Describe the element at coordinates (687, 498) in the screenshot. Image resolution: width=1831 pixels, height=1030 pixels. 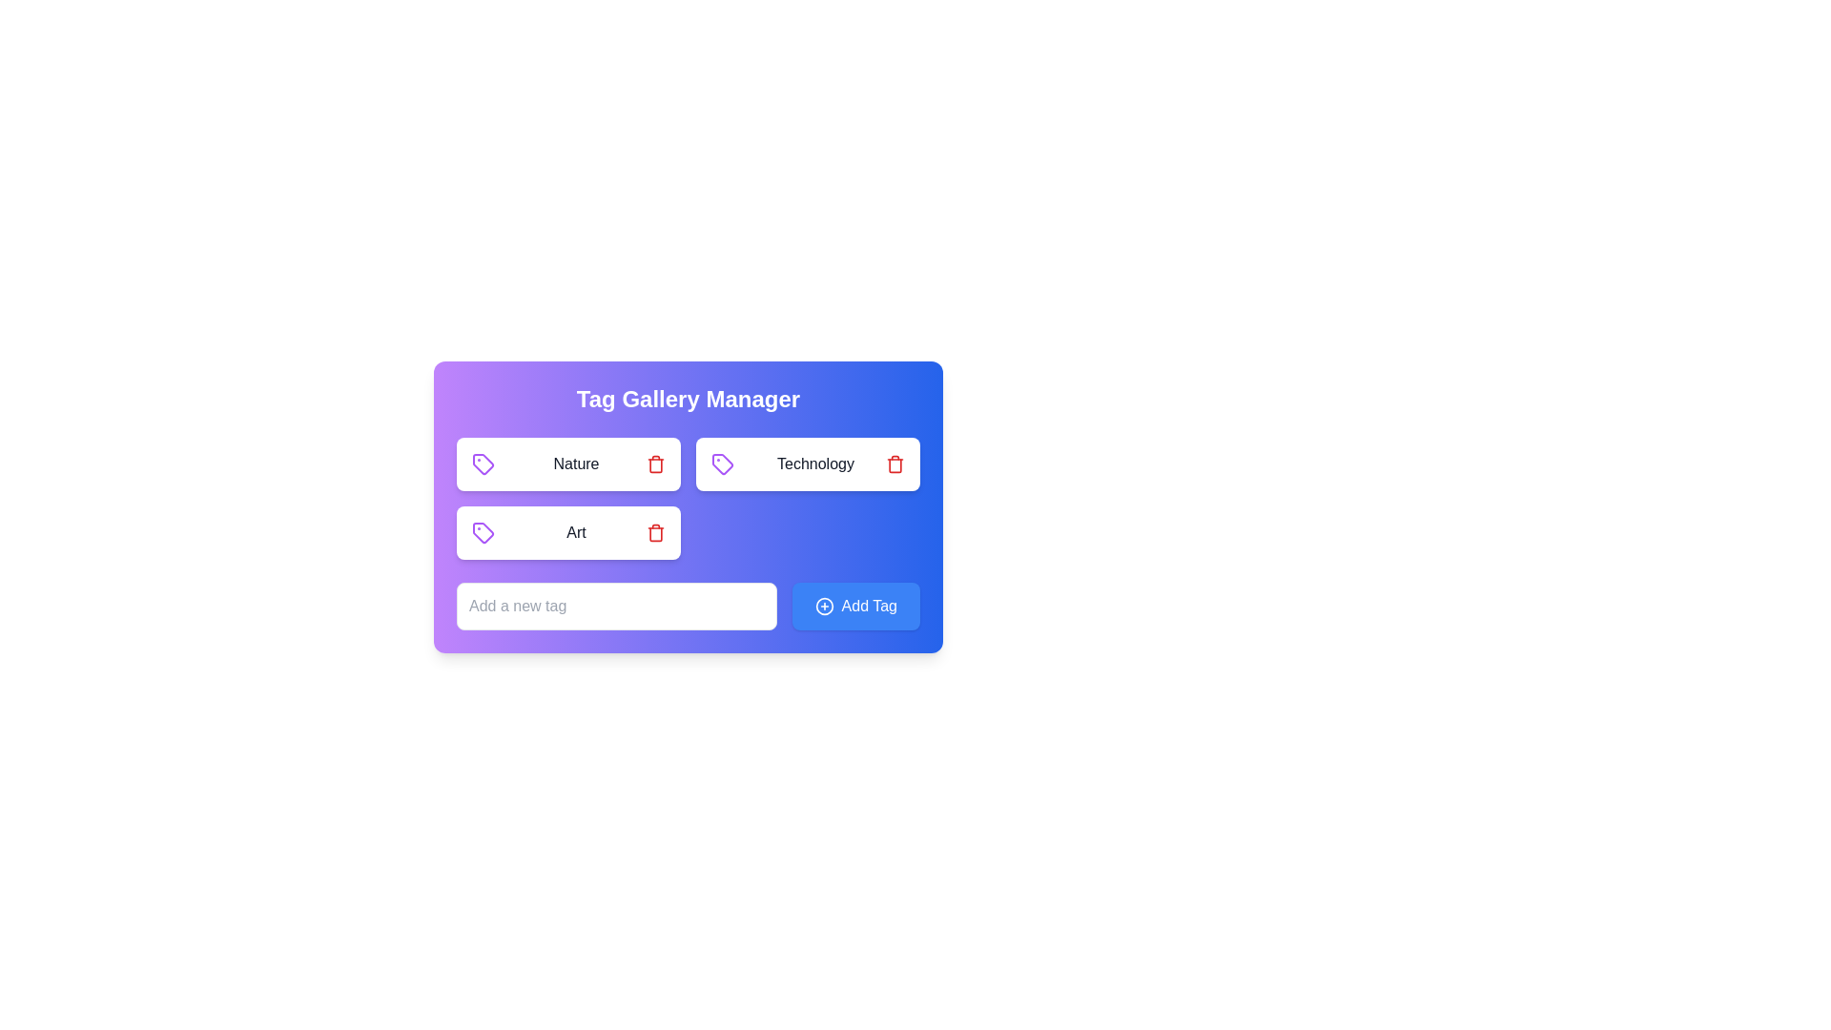
I see `the 'Art' card located in the bottom-left position of the grid within the Tag Gallery Manager` at that location.